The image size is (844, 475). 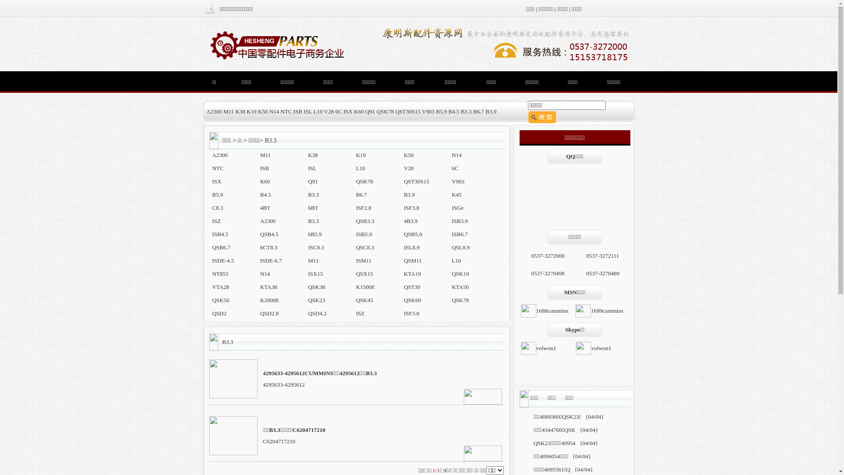 I want to click on 'K50', so click(x=408, y=154).